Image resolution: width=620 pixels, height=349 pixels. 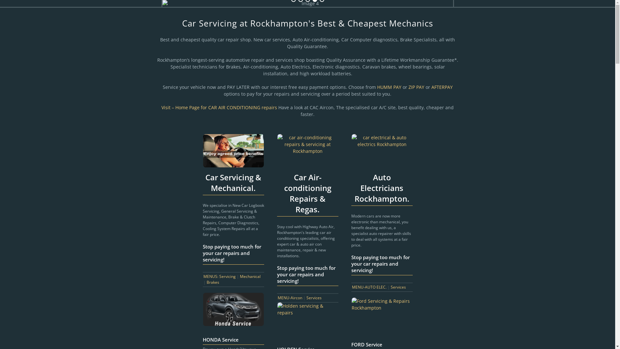 What do you see at coordinates (220, 276) in the screenshot?
I see `'MENUS: Servicing'` at bounding box center [220, 276].